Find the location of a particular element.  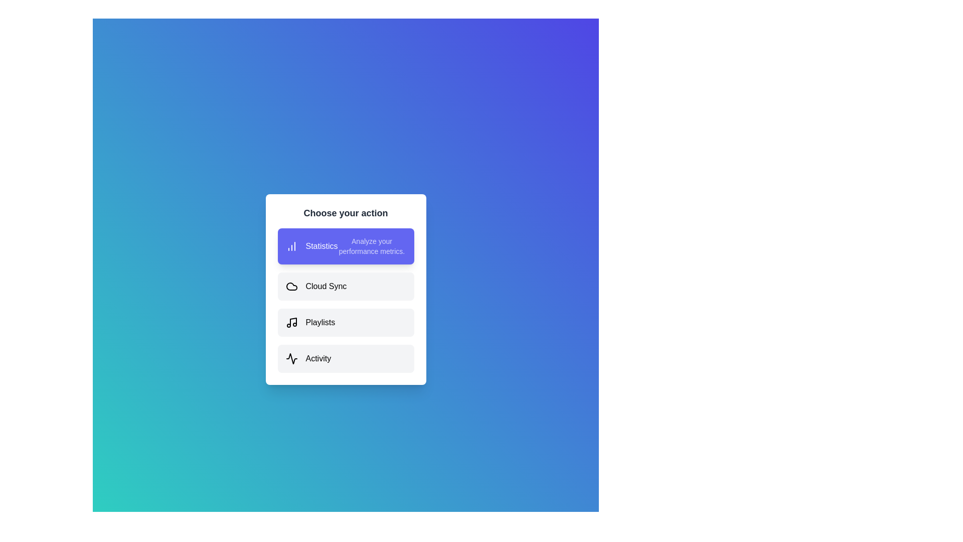

the description of the selected option is located at coordinates (371, 246).